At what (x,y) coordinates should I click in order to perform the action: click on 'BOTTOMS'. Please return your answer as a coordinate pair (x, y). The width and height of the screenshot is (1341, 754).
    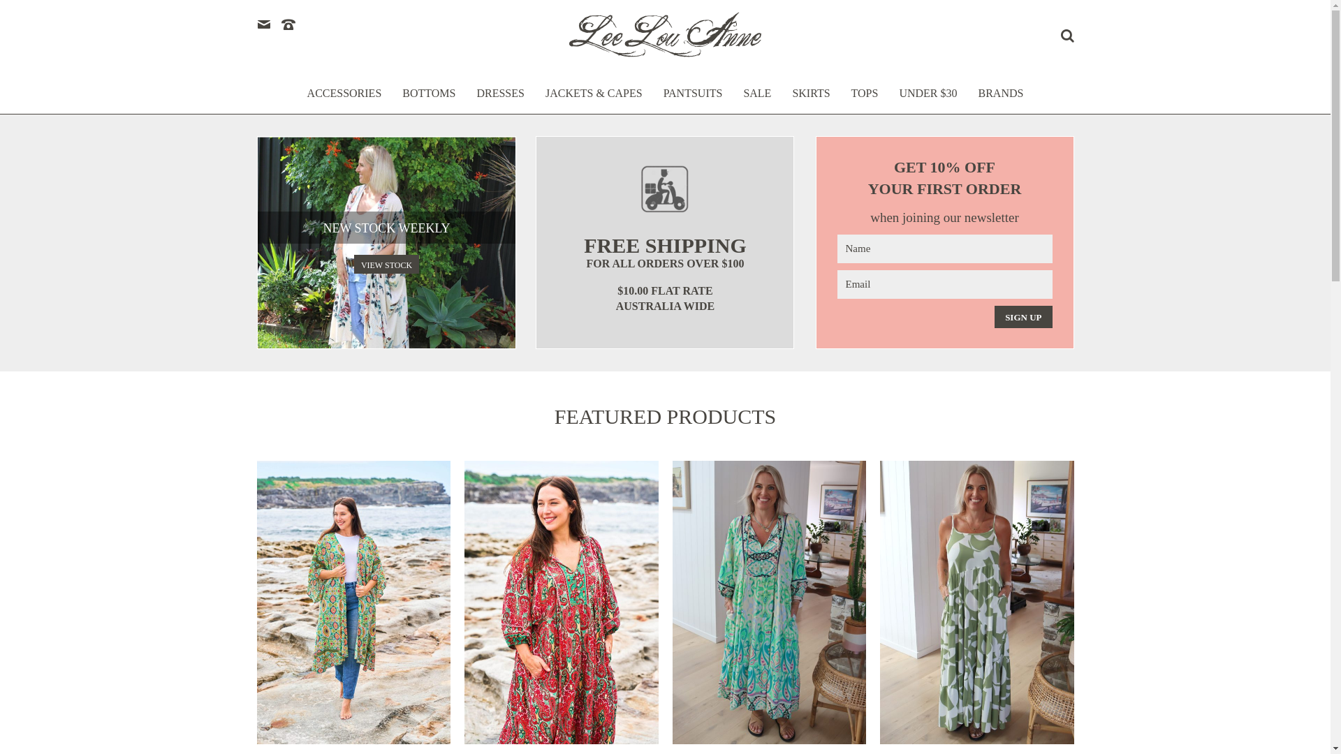
    Looking at the image, I should click on (428, 99).